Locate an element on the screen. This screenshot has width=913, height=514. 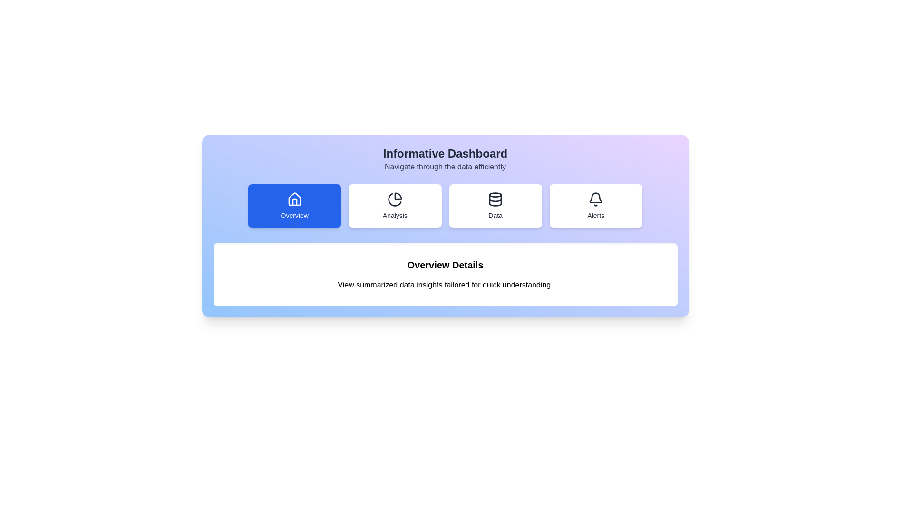
the 'Overview' button, which is the first button in a horizontal row of four buttons under the 'Informative Dashboard' heading is located at coordinates (294, 205).